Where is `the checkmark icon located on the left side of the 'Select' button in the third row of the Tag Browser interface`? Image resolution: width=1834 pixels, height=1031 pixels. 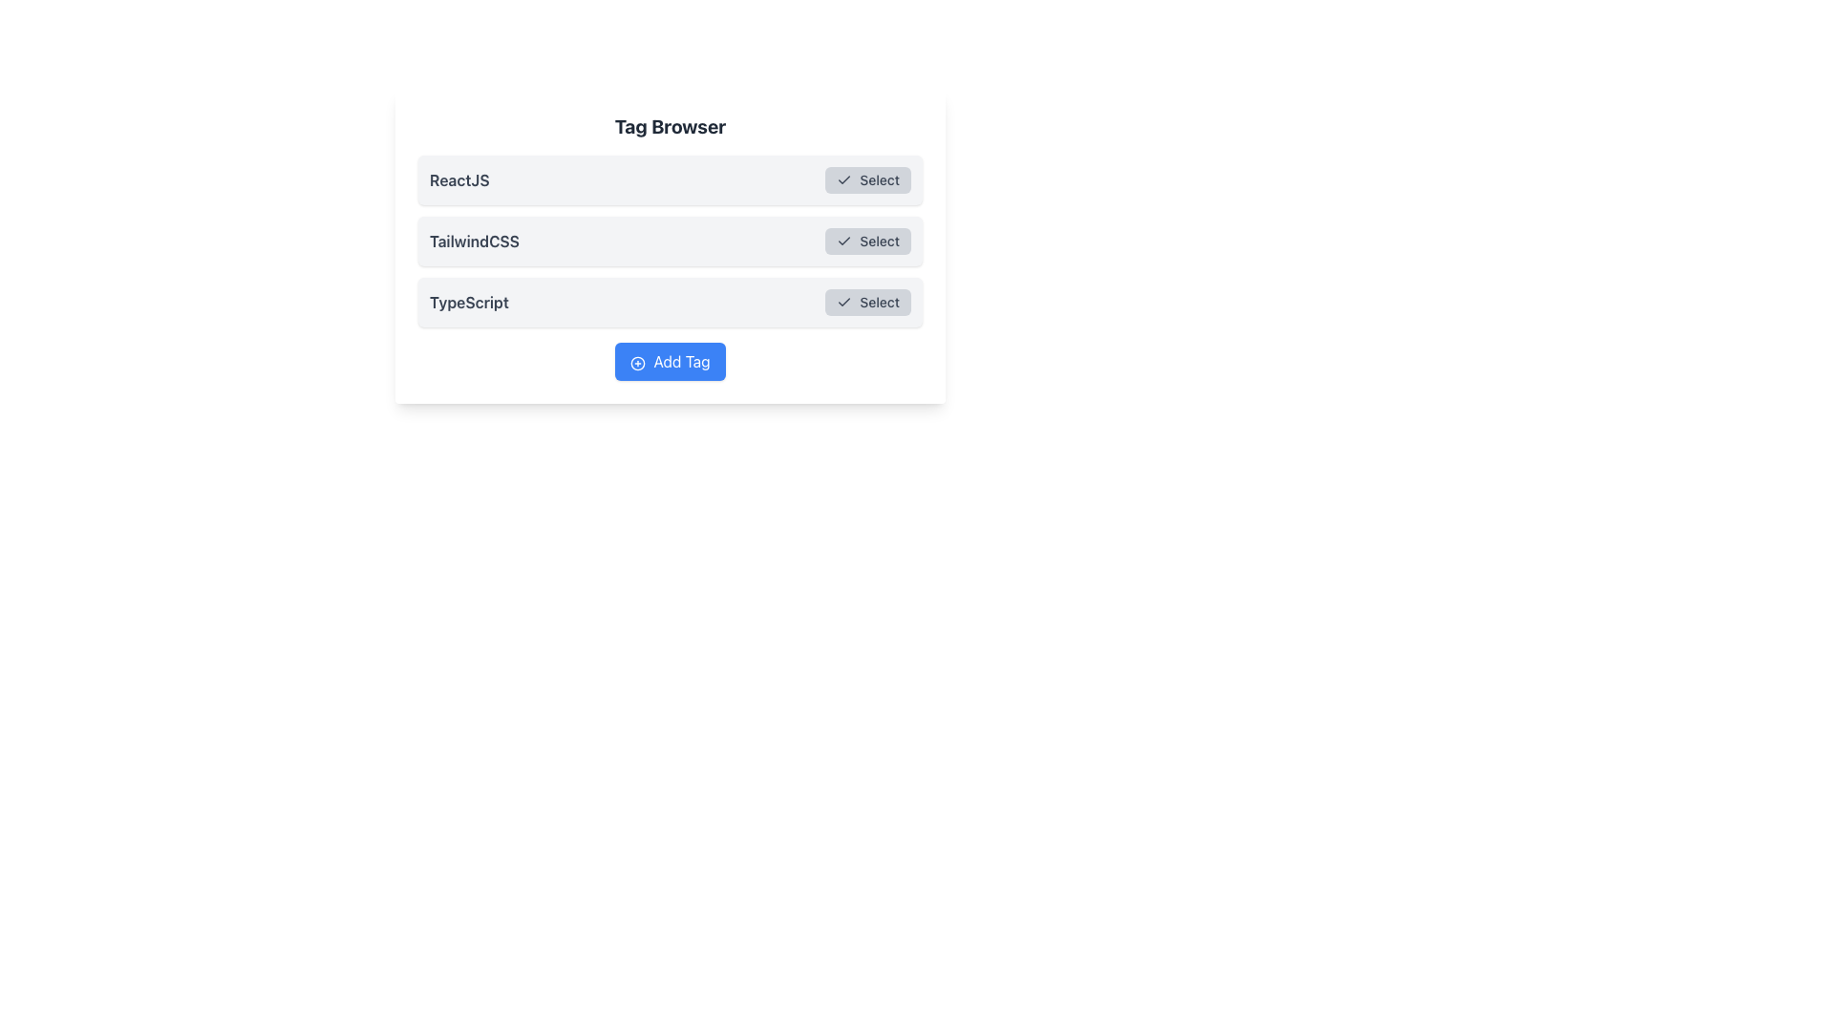
the checkmark icon located on the left side of the 'Select' button in the third row of the Tag Browser interface is located at coordinates (843, 301).